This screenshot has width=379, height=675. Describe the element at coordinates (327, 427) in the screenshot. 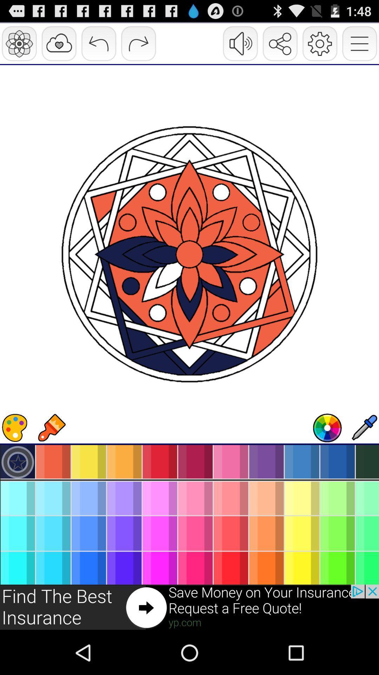

I see `auto coloring` at that location.